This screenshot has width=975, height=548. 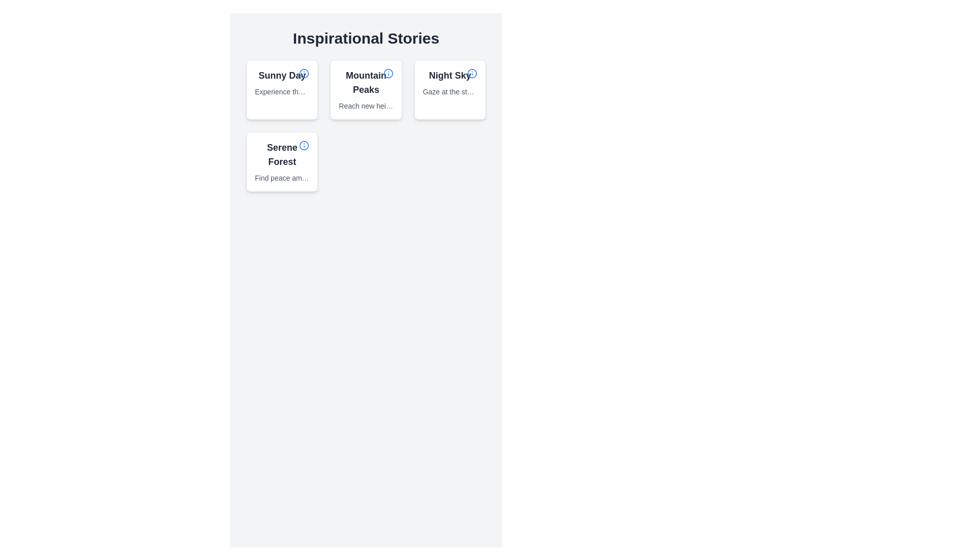 I want to click on the static informational card presenting information about 'Night Sky', located in the upper-right corner of the grid layout of cards, specifically the third card in the row of the 'Inspirational Stories' section, so click(x=449, y=82).